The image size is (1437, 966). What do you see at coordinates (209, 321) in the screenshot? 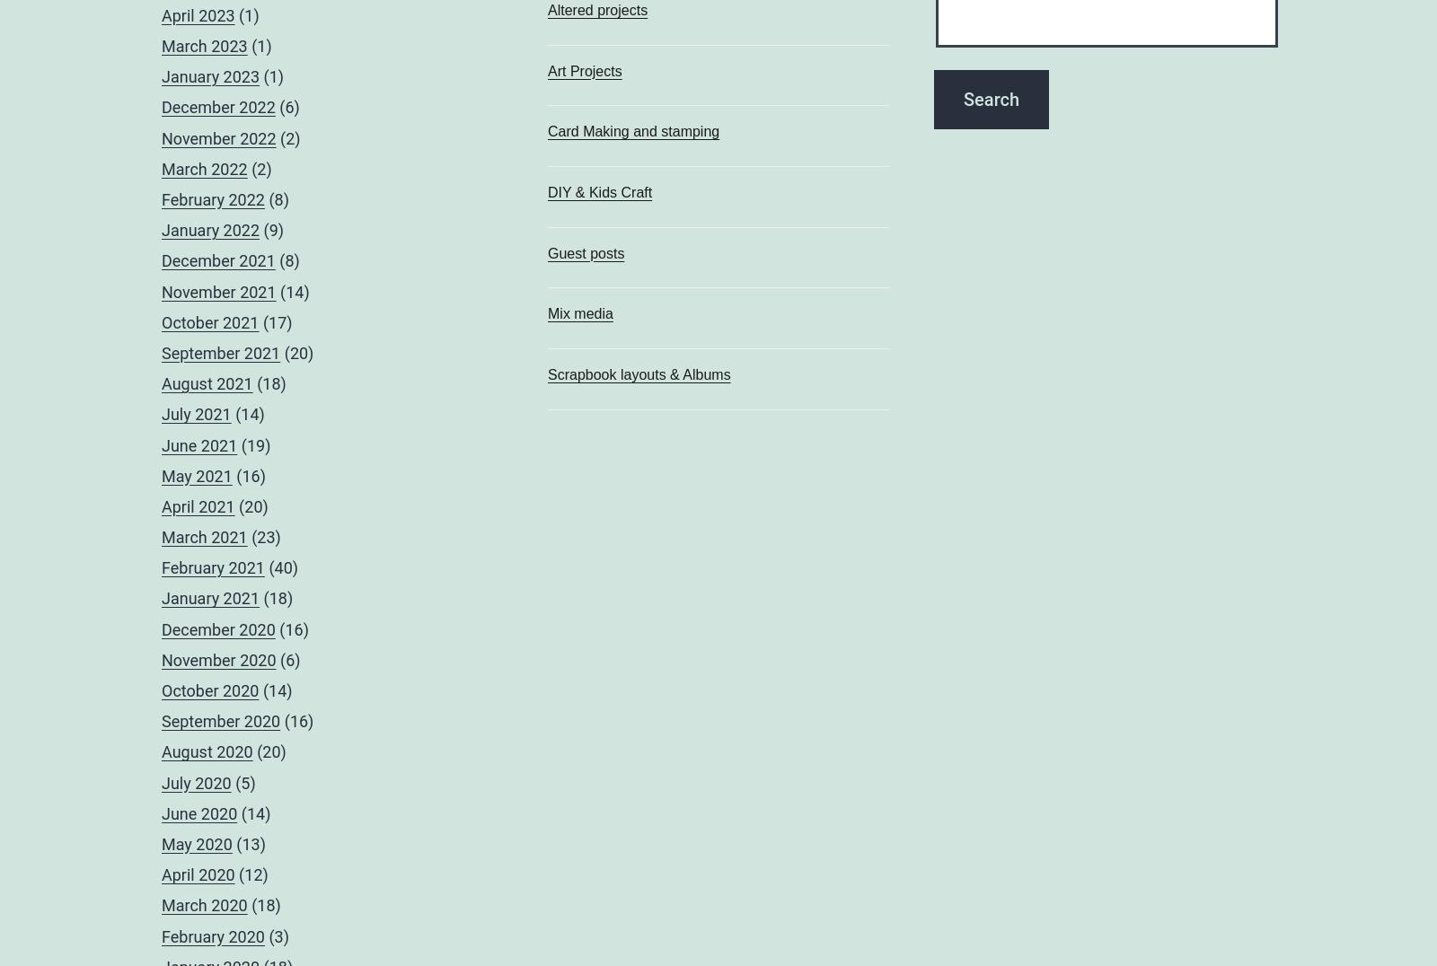
I see `'October 2021'` at bounding box center [209, 321].